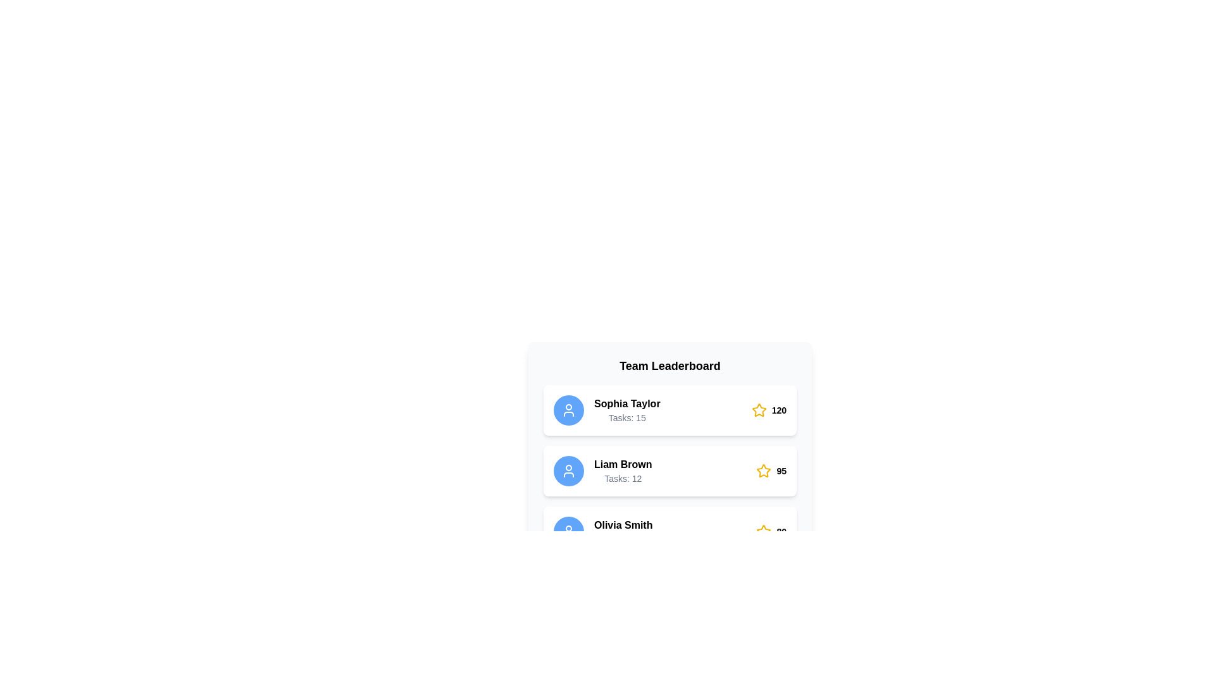  I want to click on the Rating indicator with numerical value '80' for user Olivia Smith, located at the bottommost card, so click(771, 531).